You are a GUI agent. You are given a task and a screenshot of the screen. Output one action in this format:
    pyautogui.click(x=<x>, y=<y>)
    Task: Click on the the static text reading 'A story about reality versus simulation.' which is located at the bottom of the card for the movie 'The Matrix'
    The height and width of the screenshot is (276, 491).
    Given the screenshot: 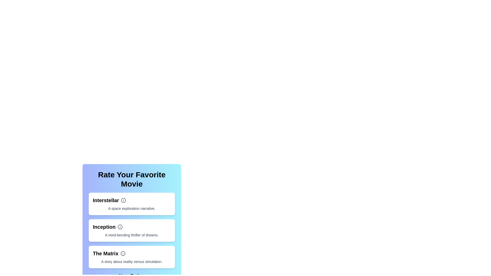 What is the action you would take?
    pyautogui.click(x=132, y=261)
    